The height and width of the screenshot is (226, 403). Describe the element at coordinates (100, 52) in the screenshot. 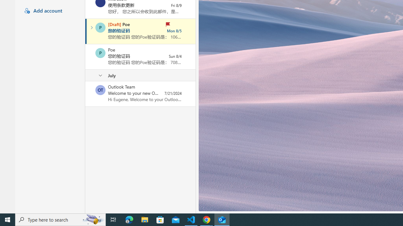

I see `'Poe'` at that location.